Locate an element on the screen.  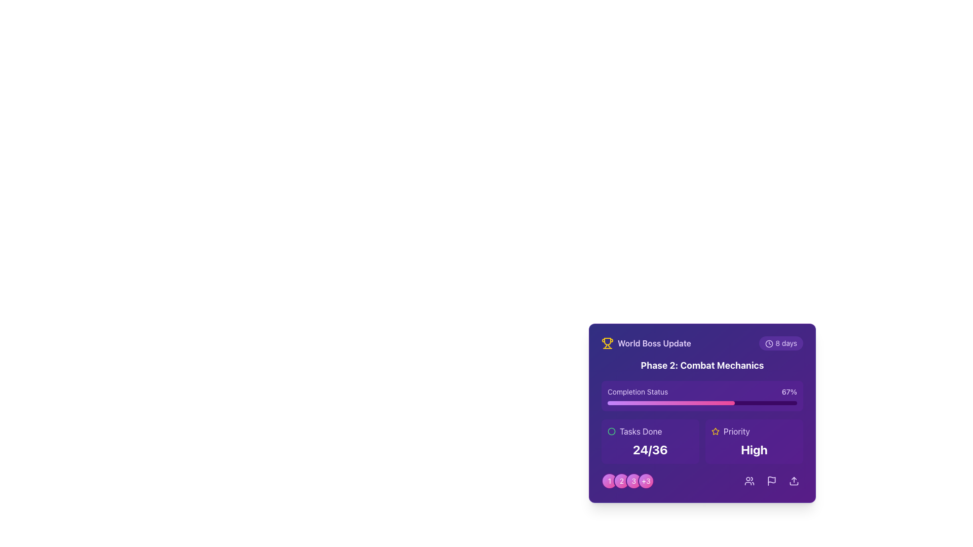
the purple flag icon located in the middle of three small icons at the bottom-right section of the card is located at coordinates (771, 480).